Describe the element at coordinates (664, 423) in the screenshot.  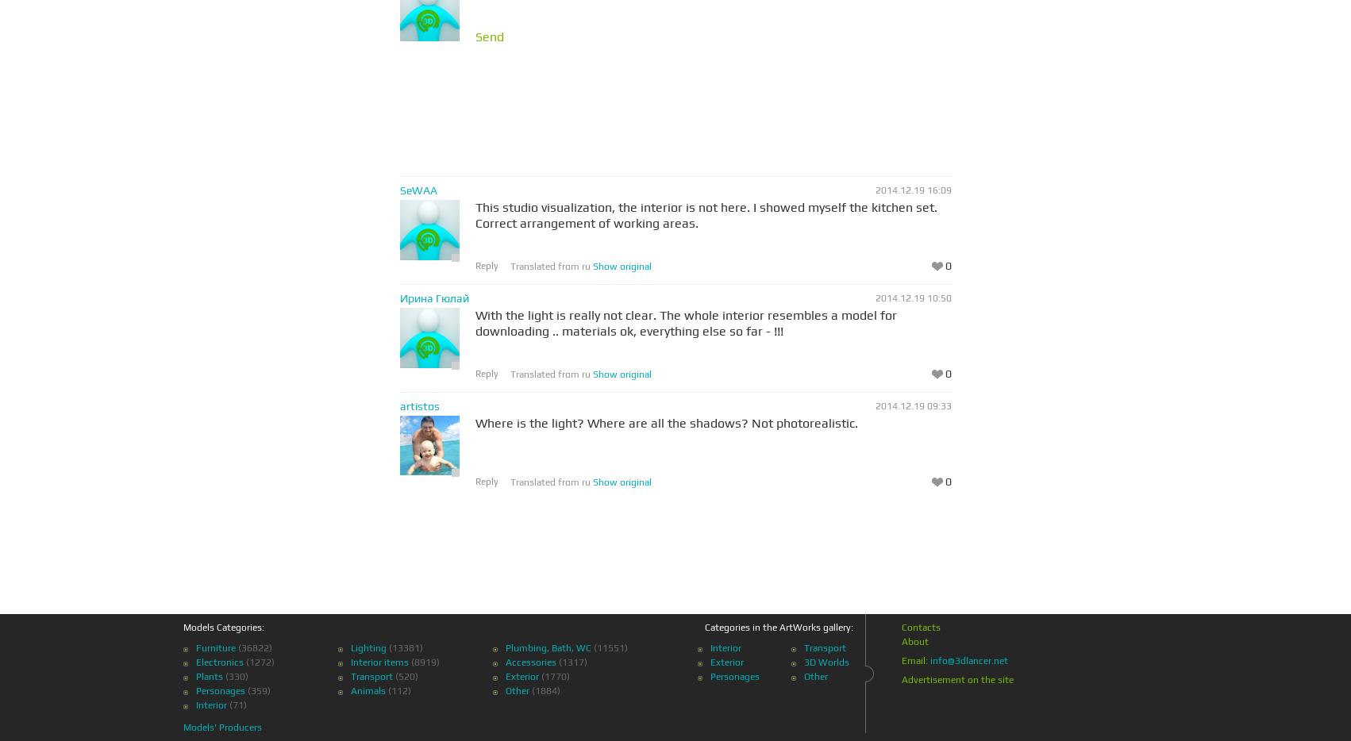
I see `'Where is the light? Where are all the shadows? Not photorealistic.'` at that location.